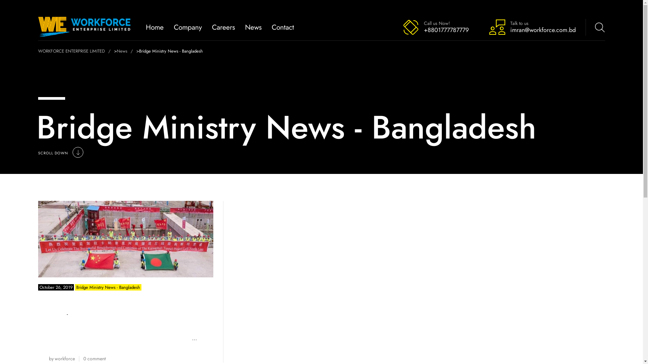  I want to click on '0 comment', so click(82, 358).